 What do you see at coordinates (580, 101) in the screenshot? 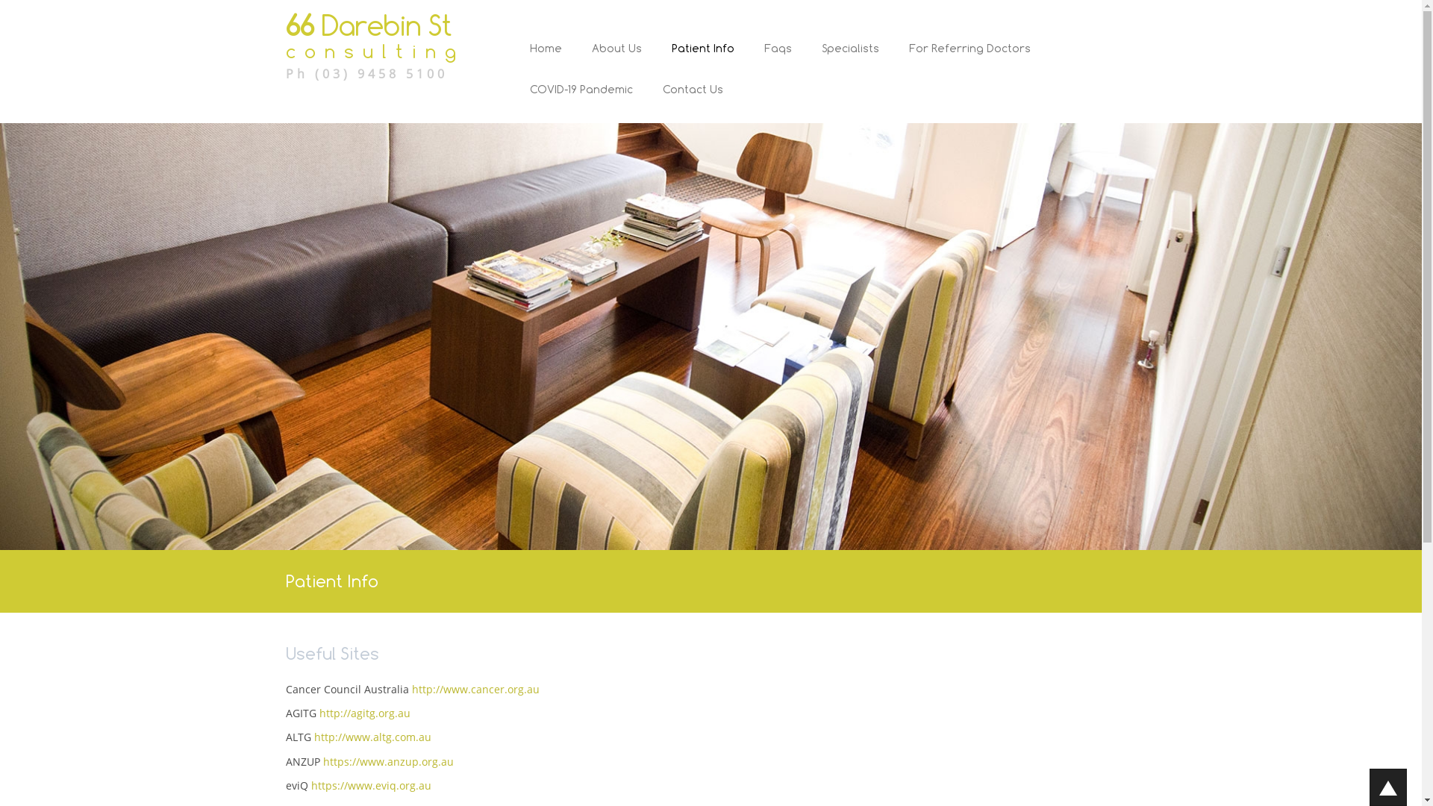
I see `'COVID-19 Pandemic'` at bounding box center [580, 101].